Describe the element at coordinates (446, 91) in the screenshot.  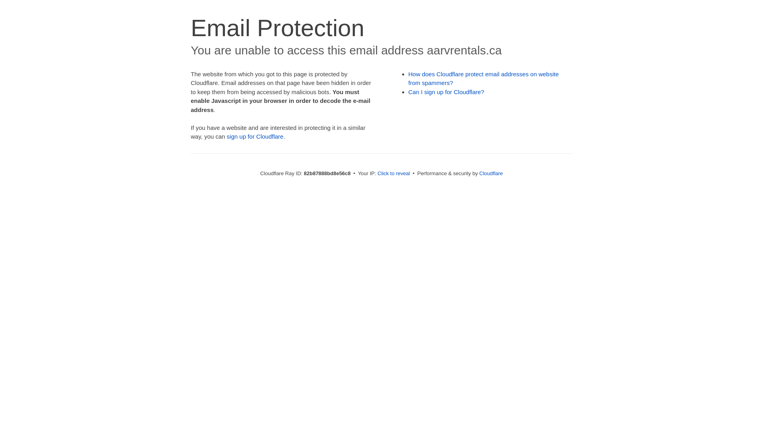
I see `'Can I sign up for Cloudflare?'` at that location.